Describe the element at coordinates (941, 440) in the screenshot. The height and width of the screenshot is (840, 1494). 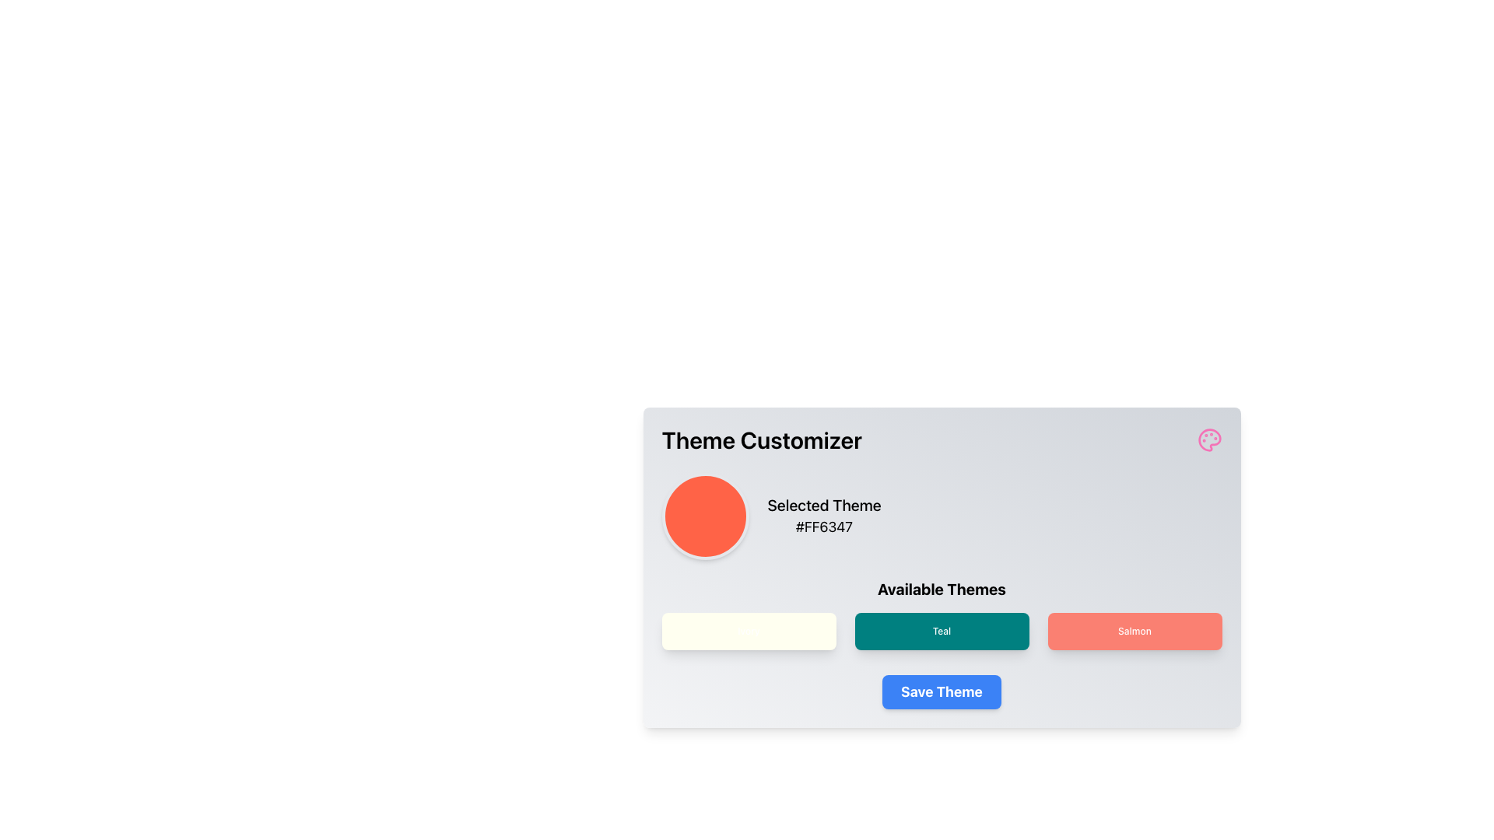
I see `the 'Theme Customizer' section title, which identifies the feature at the top of the card-like interface section` at that location.